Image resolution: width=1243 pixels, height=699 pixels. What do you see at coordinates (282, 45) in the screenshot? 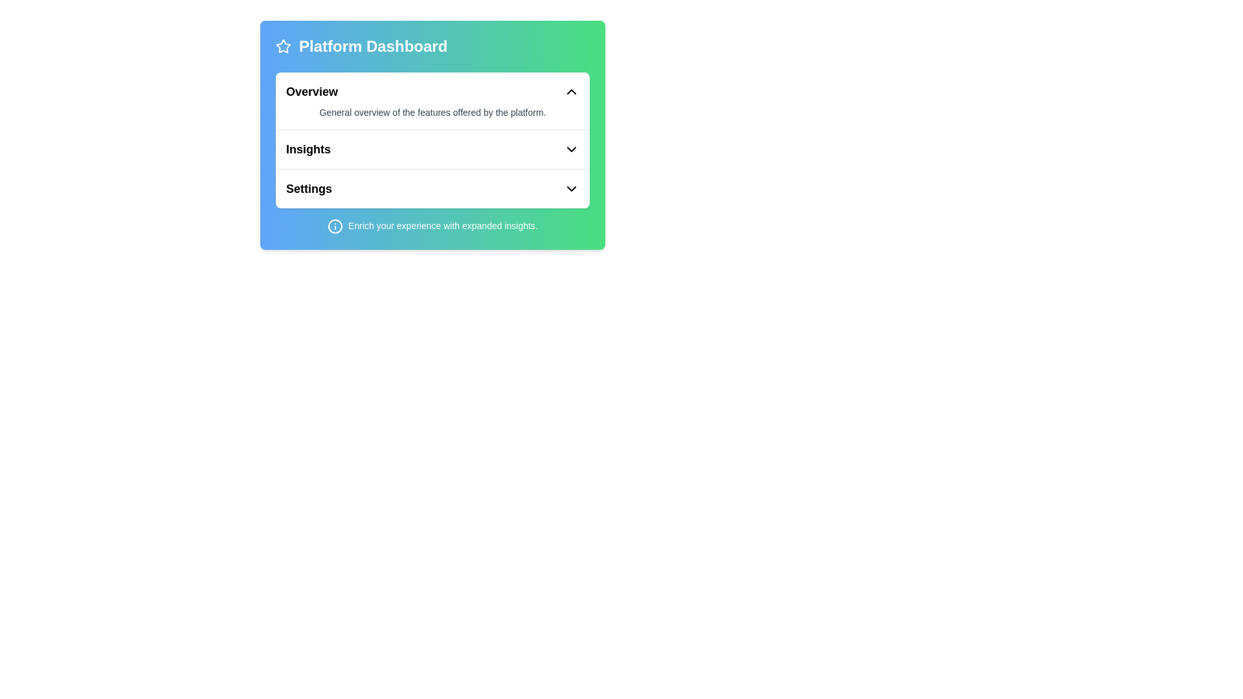
I see `the minimalist five-pointed star icon located to the left of the 'Platform Dashboard' heading in the header area` at bounding box center [282, 45].